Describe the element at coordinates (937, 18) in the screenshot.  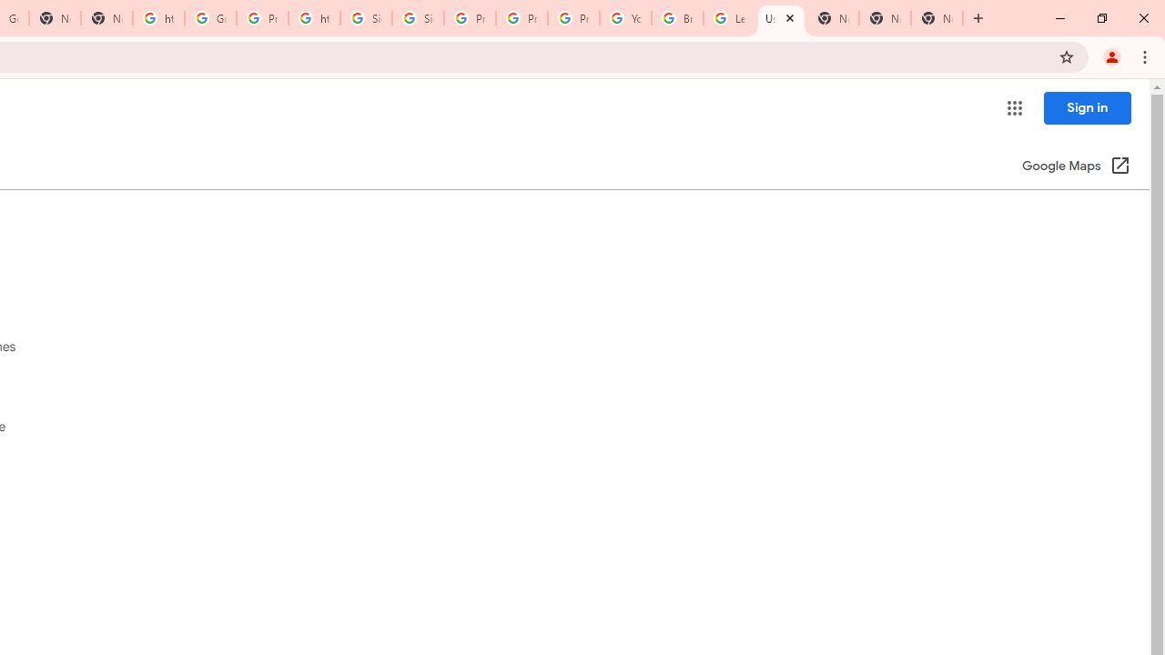
I see `'New Tab'` at that location.